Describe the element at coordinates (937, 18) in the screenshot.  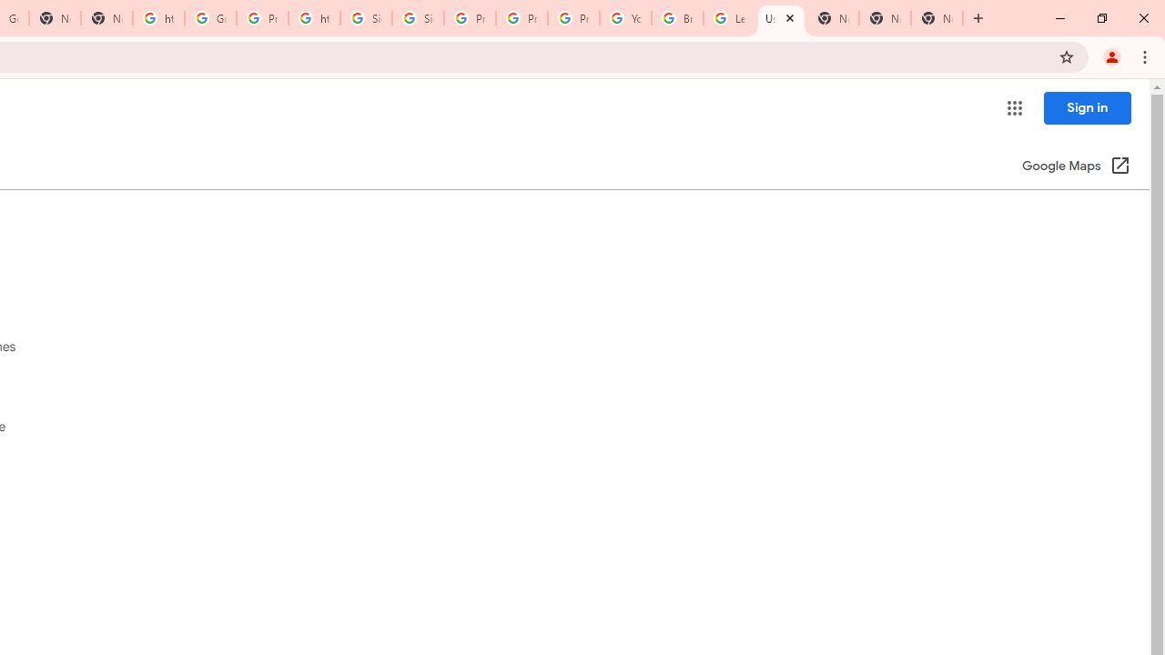
I see `'New Tab'` at that location.